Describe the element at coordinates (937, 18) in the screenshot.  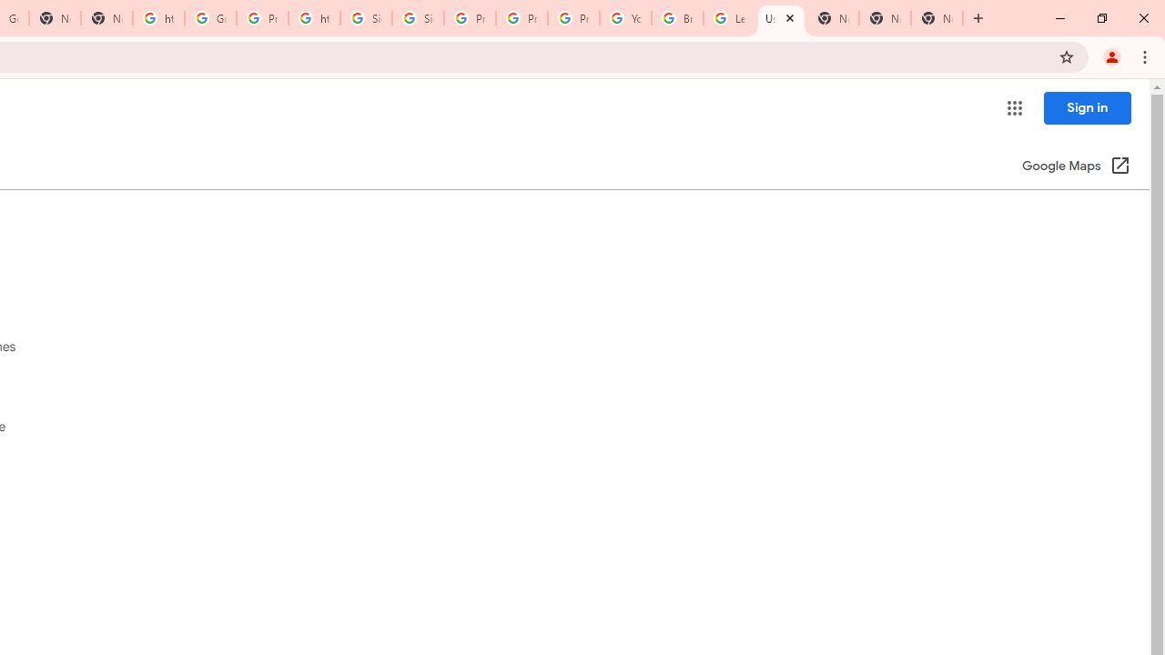
I see `'New Tab'` at that location.